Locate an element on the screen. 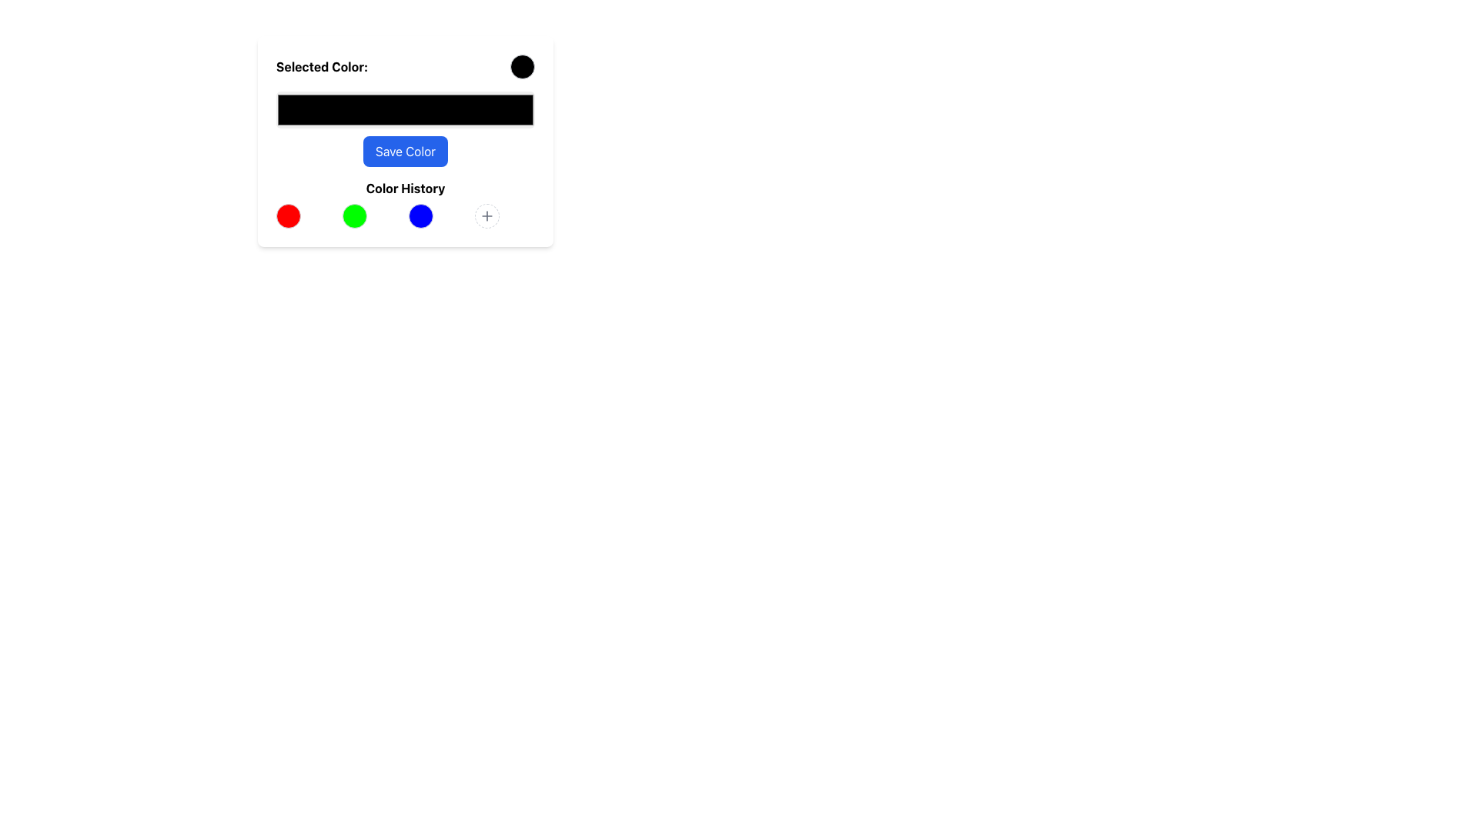 The image size is (1478, 831). the black rectangular color input field below the title 'Selected Color:' is located at coordinates (406, 128).